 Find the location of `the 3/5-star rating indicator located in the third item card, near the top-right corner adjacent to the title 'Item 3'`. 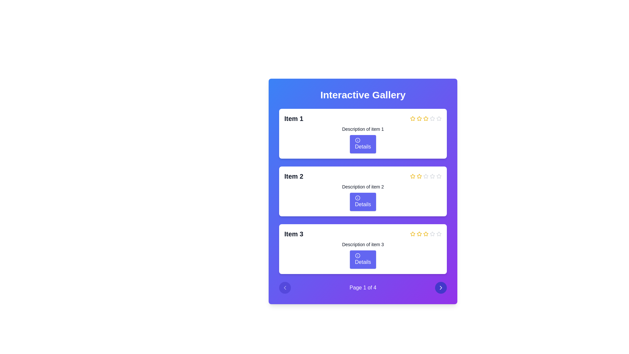

the 3/5-star rating indicator located in the third item card, near the top-right corner adjacent to the title 'Item 3' is located at coordinates (426, 233).